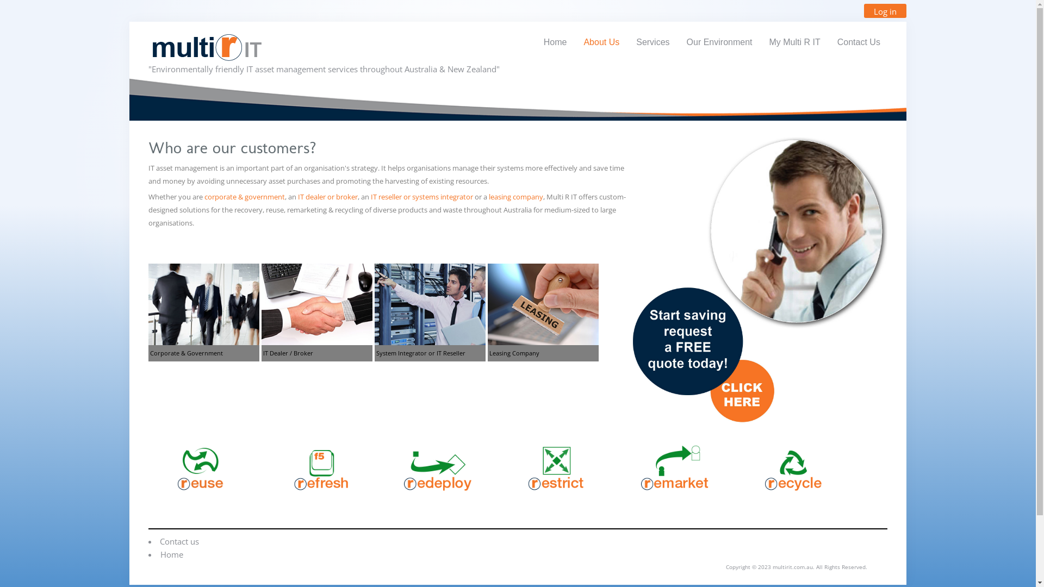  I want to click on 'About Us', so click(600, 41).